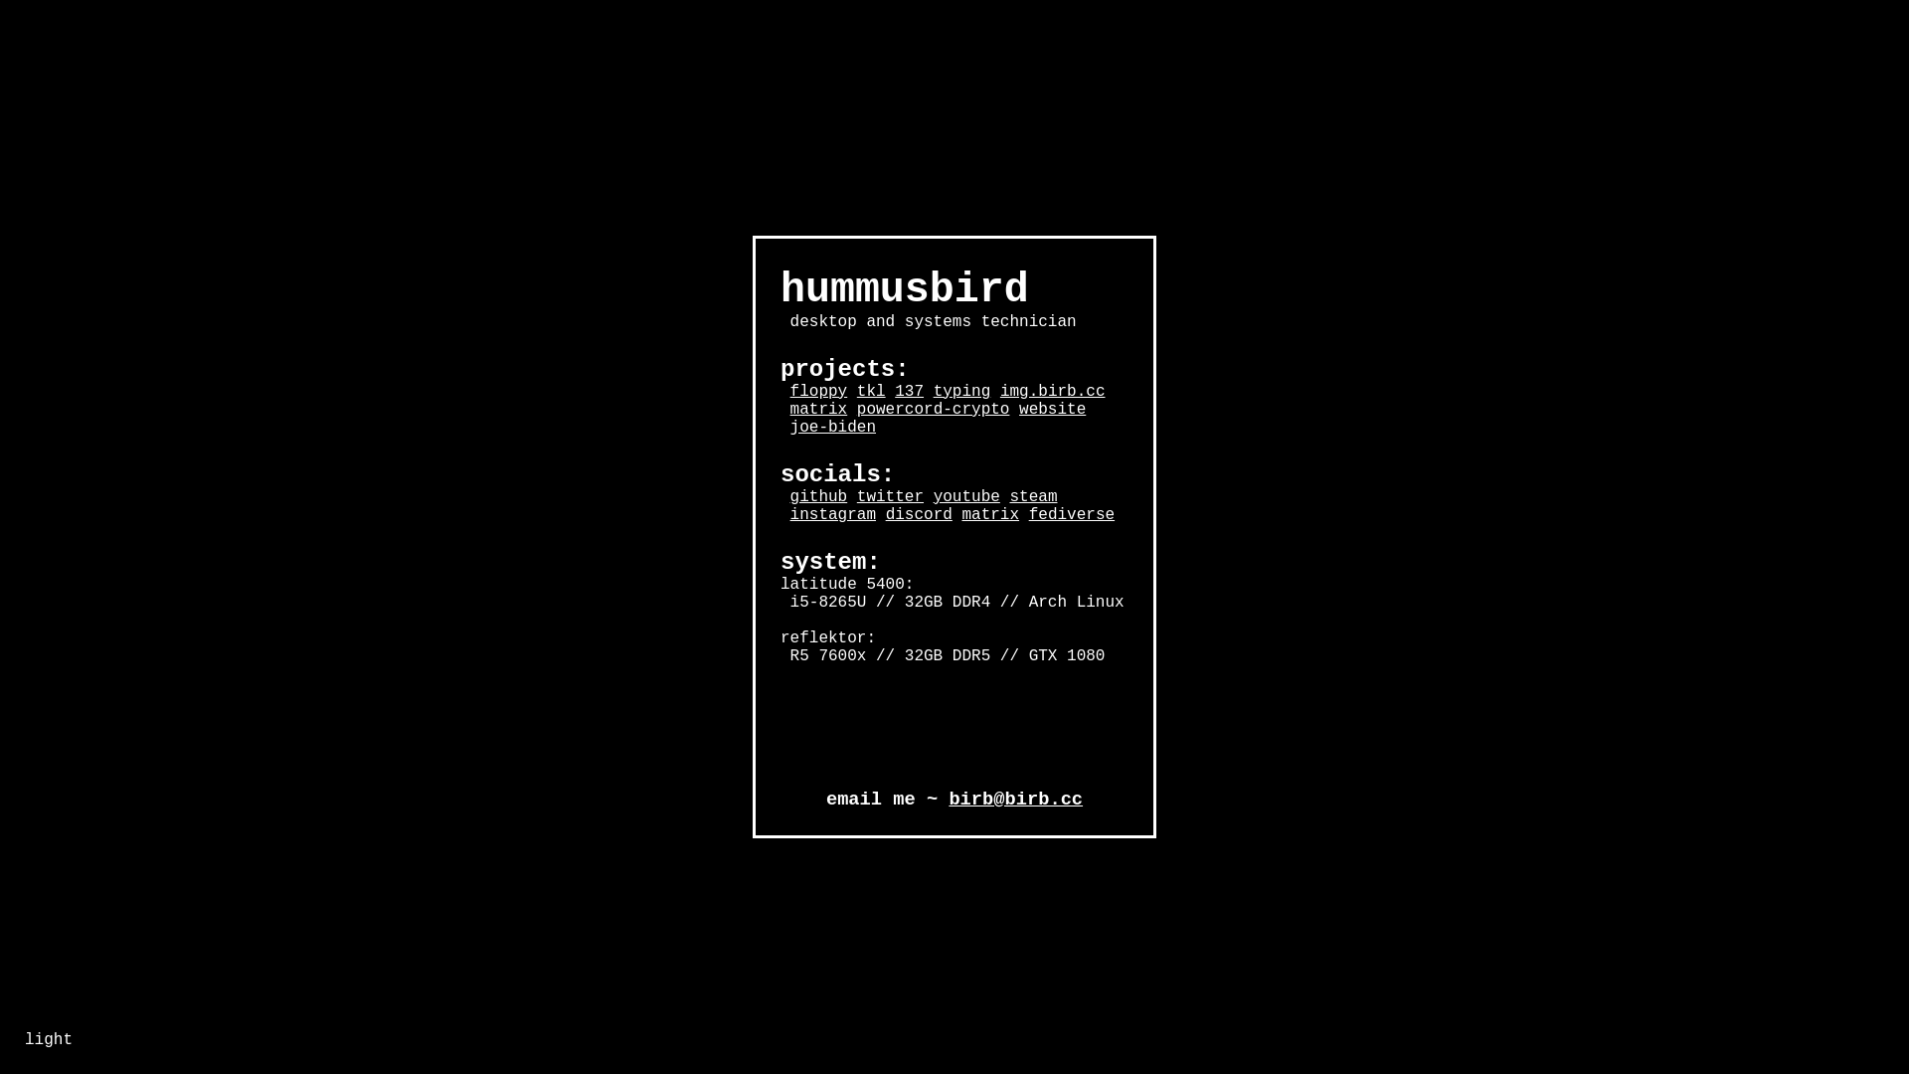  Describe the element at coordinates (894, 391) in the screenshot. I see `'137'` at that location.